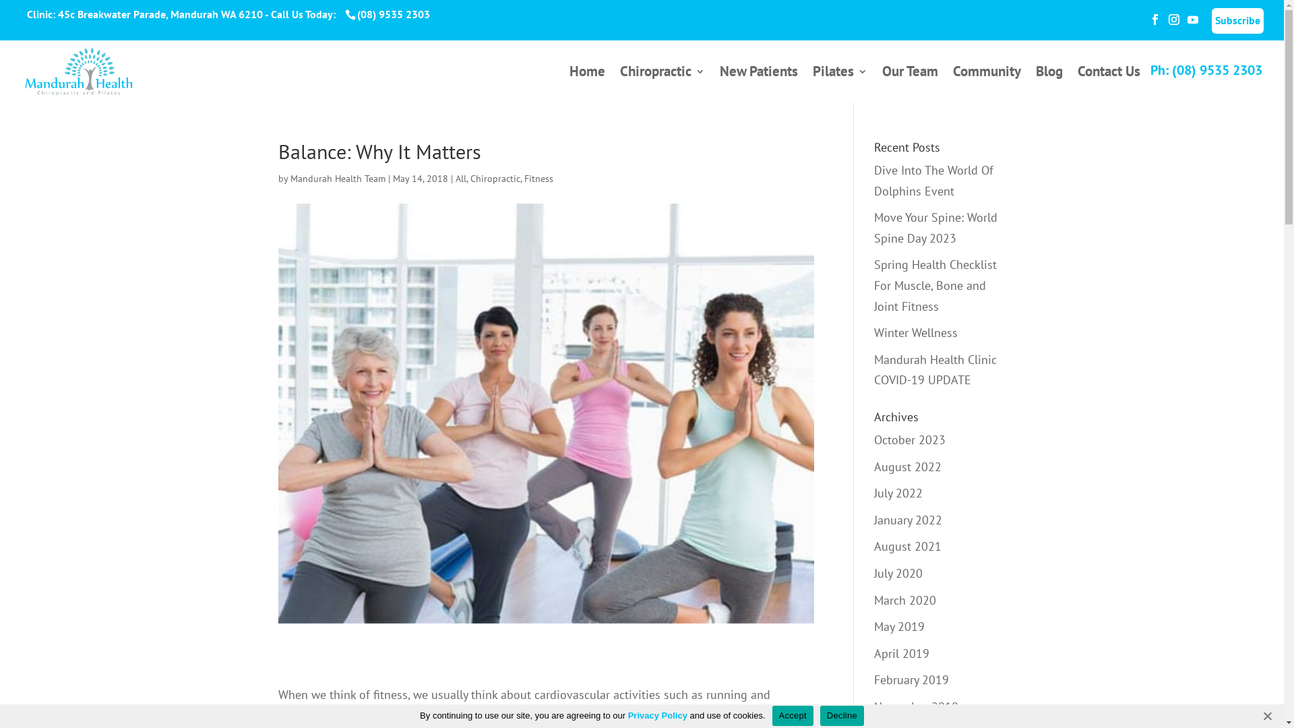 Image resolution: width=1294 pixels, height=728 pixels. Describe the element at coordinates (934, 369) in the screenshot. I see `'Mandurah Health Clinic COVID-19 UPDATE'` at that location.